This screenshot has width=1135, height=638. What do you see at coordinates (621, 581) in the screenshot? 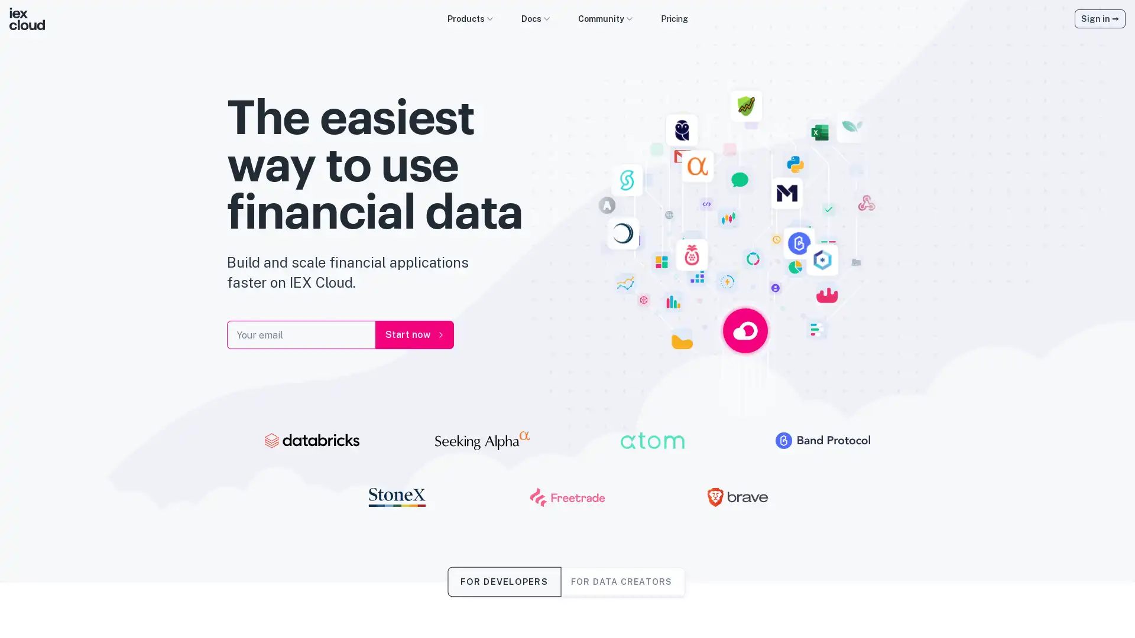
I see `FOR DATA CREATORS` at bounding box center [621, 581].